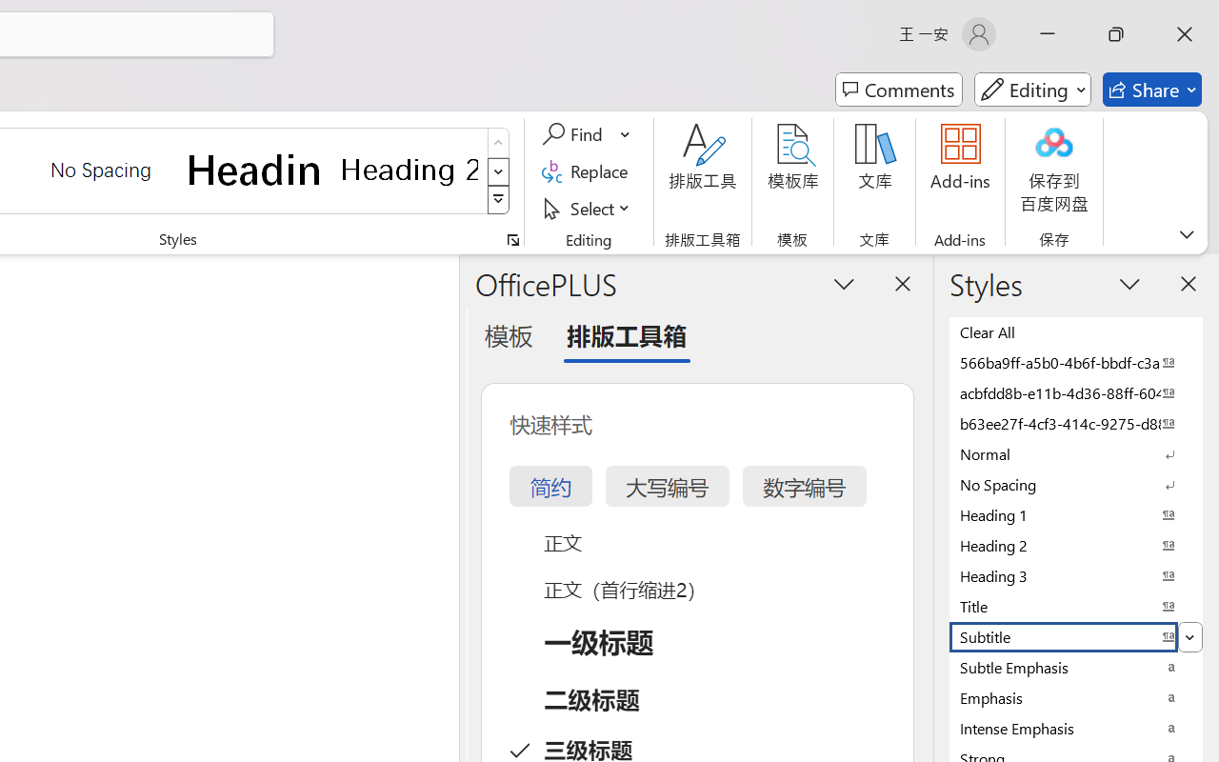 The image size is (1219, 762). I want to click on 'acbfdd8b-e11b-4d36-88ff-6049b138f862', so click(1076, 392).